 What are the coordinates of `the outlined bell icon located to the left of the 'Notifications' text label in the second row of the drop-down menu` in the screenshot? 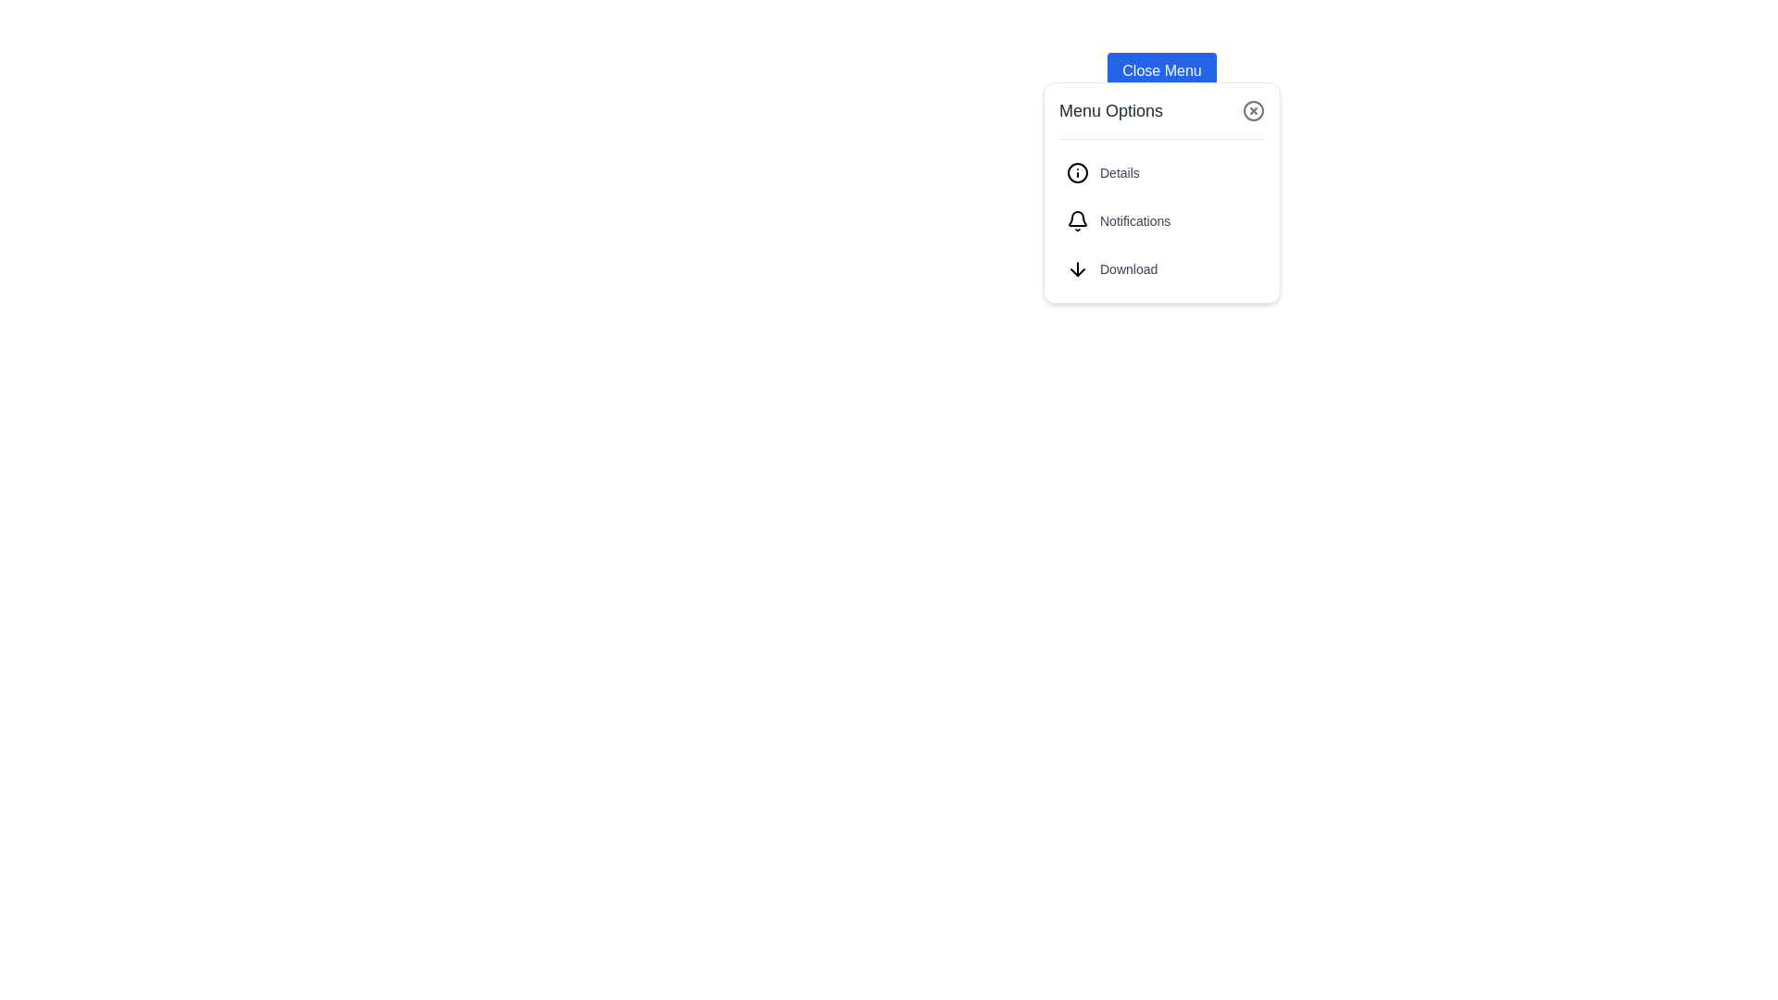 It's located at (1077, 220).